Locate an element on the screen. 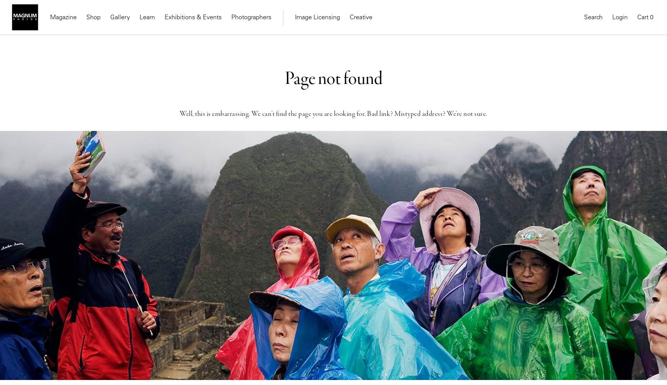 This screenshot has width=667, height=385. 'The Art of Street Photography' is located at coordinates (207, 46).